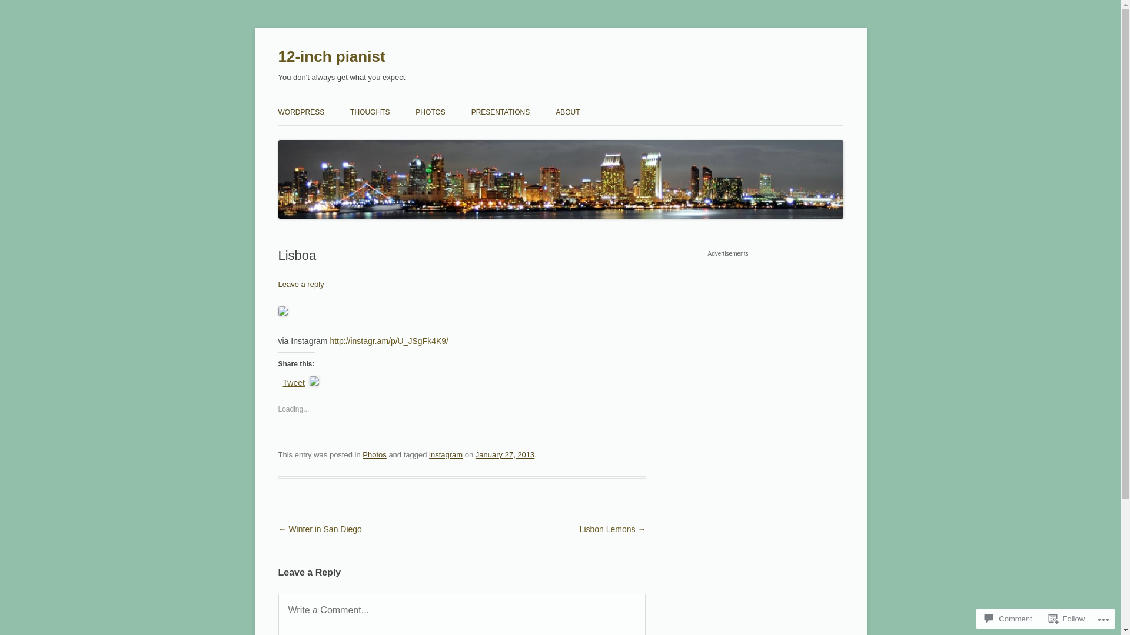 This screenshot has height=635, width=1130. Describe the element at coordinates (293, 381) in the screenshot. I see `'Tweet'` at that location.